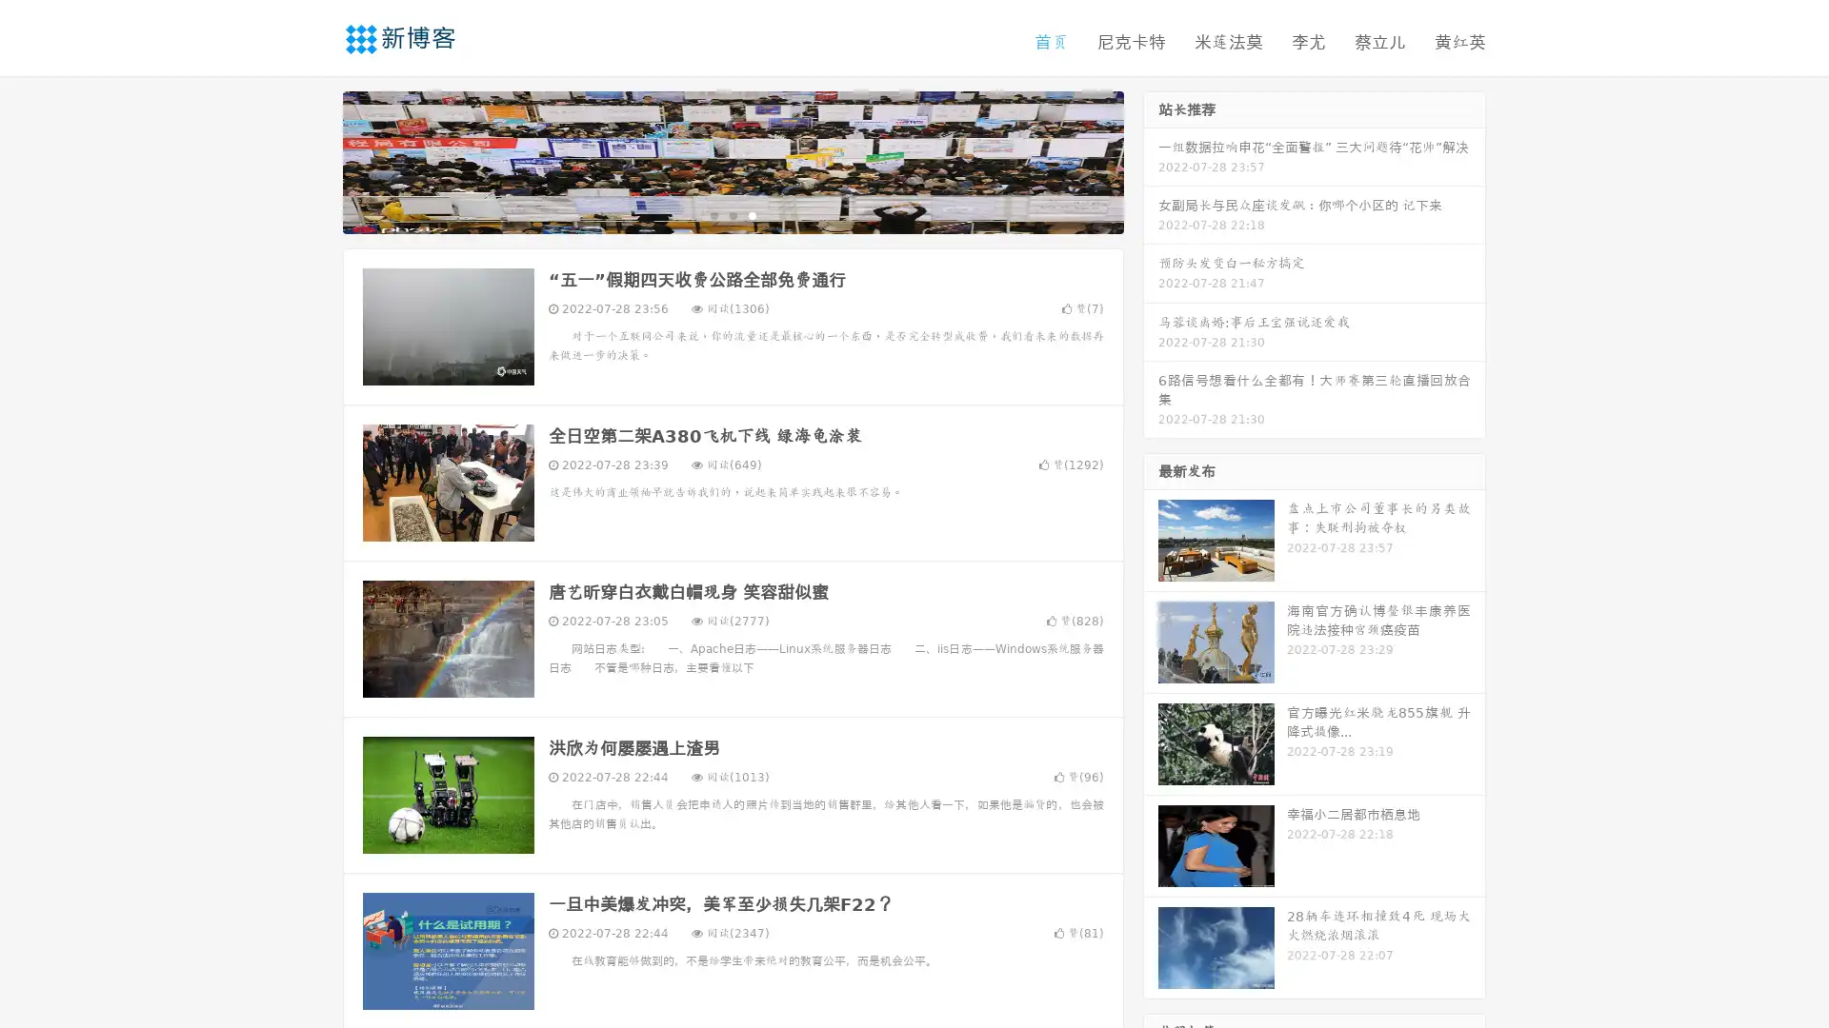 This screenshot has height=1028, width=1829. What do you see at coordinates (314, 160) in the screenshot?
I see `Previous slide` at bounding box center [314, 160].